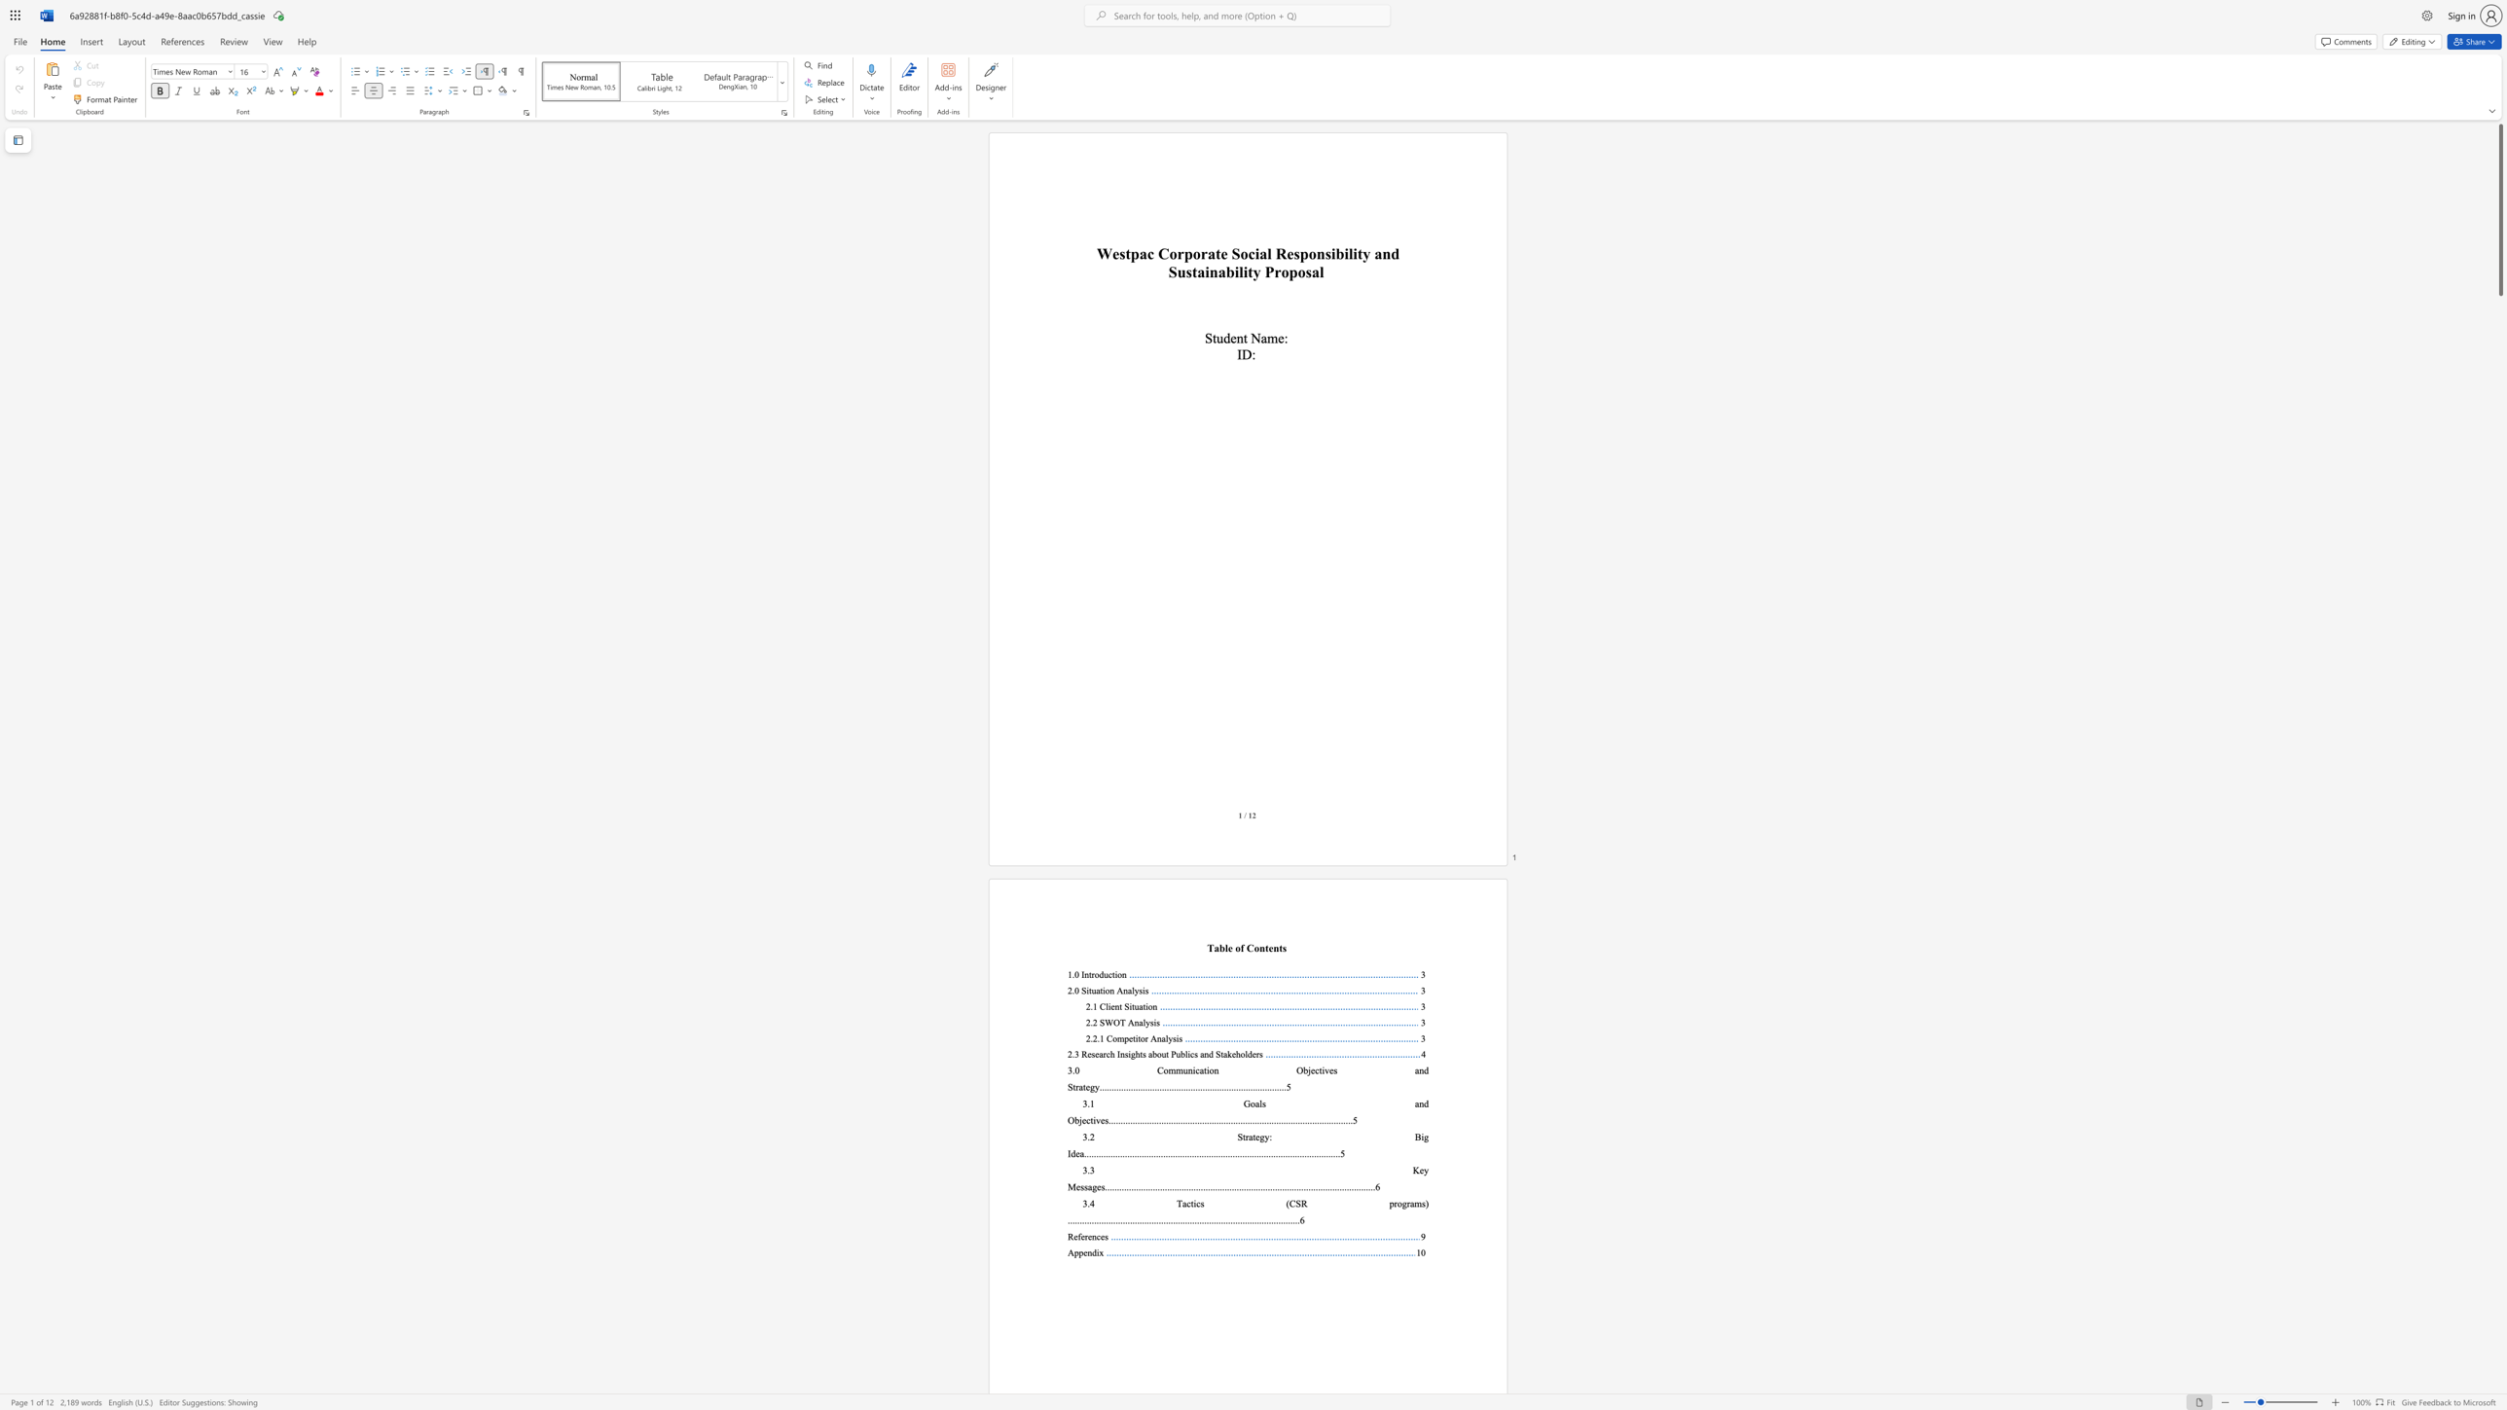 The width and height of the screenshot is (2507, 1410). Describe the element at coordinates (1238, 1153) in the screenshot. I see `the subset text "..........................." within the text "......................................................................................................"` at that location.